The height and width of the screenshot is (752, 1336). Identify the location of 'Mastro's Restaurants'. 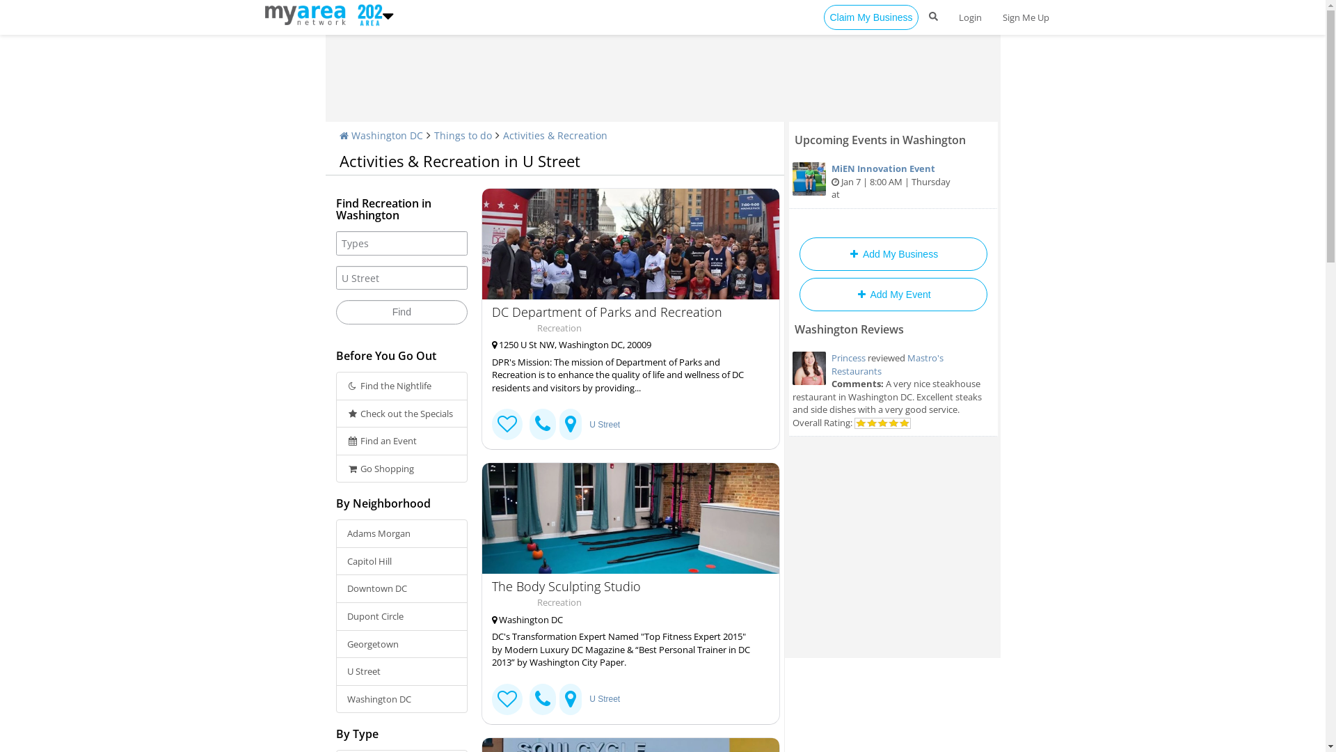
(886, 363).